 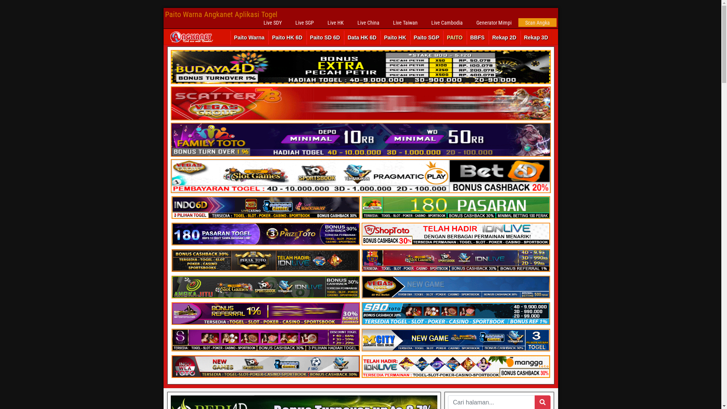 I want to click on 'Scan Angka', so click(x=518, y=22).